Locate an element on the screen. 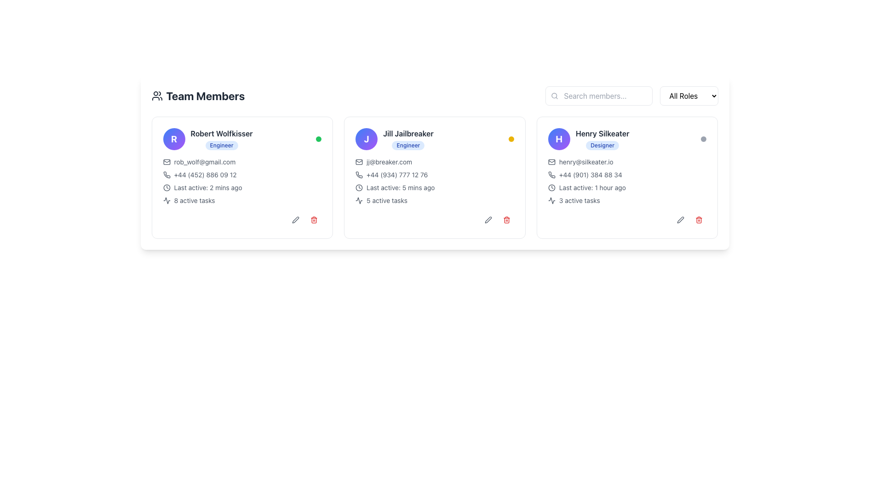 The height and width of the screenshot is (496, 883). the magnifying glass icon, which is outlined in light gray and positioned inside the left part of the search input field labeled 'Search members...' is located at coordinates (554, 96).